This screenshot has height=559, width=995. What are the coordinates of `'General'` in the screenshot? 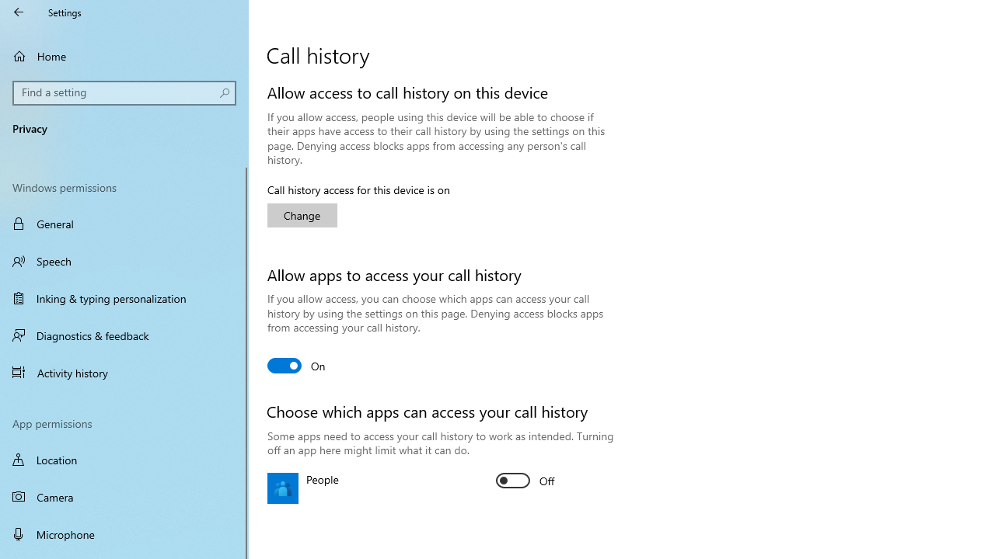 It's located at (124, 224).